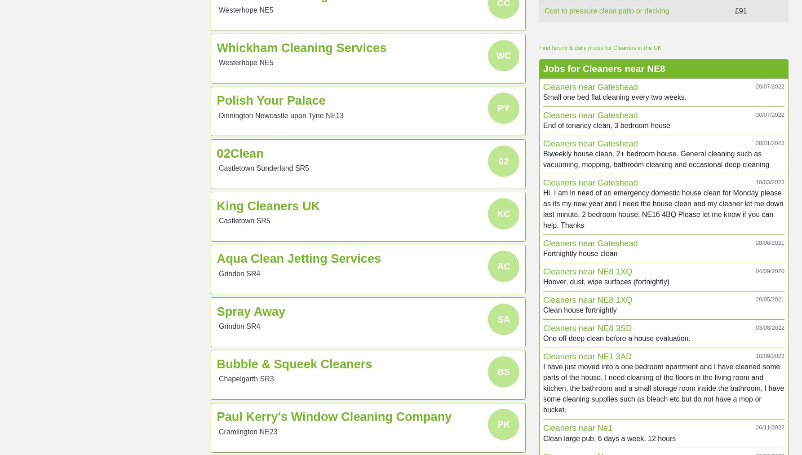 The image size is (802, 455). What do you see at coordinates (663, 208) in the screenshot?
I see `'Hi. I am in need of an emergency domestic house clean for Monday please as its my new year and I need the house clean and my cleaner let me down last minute. 2 bedroom house, NE16 4BQ Please let me know if you can help. Thanks'` at bounding box center [663, 208].